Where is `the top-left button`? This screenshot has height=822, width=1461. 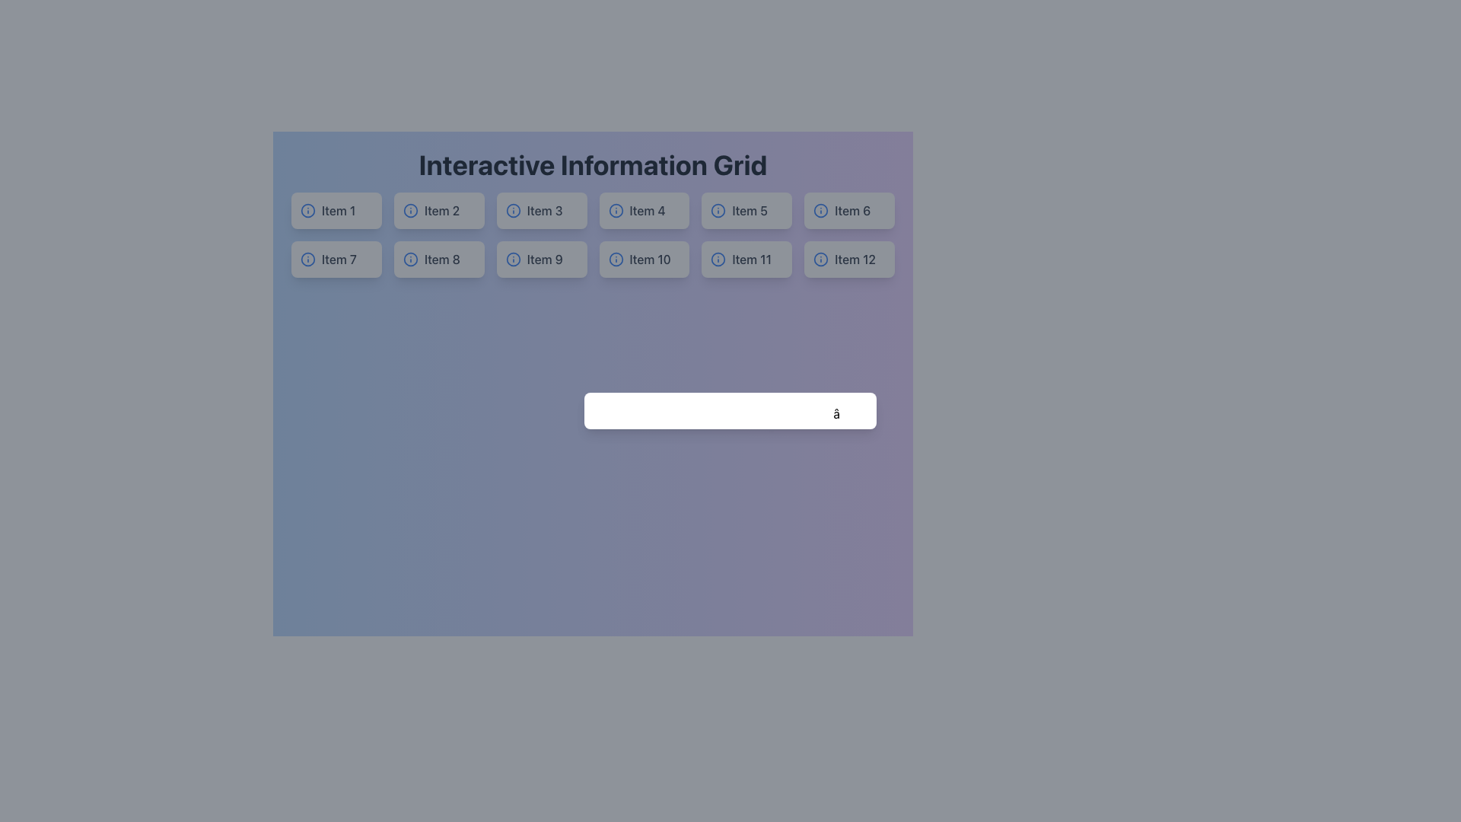
the top-left button is located at coordinates (335, 211).